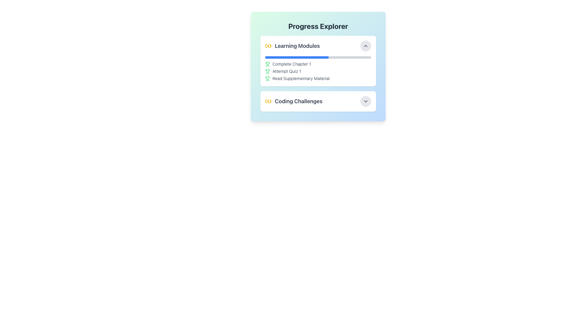  I want to click on horizontal progress bar indicating a 60% progress level, located above the 'Complete Chapter 1' list in the 'Learning Modules' section, so click(318, 57).